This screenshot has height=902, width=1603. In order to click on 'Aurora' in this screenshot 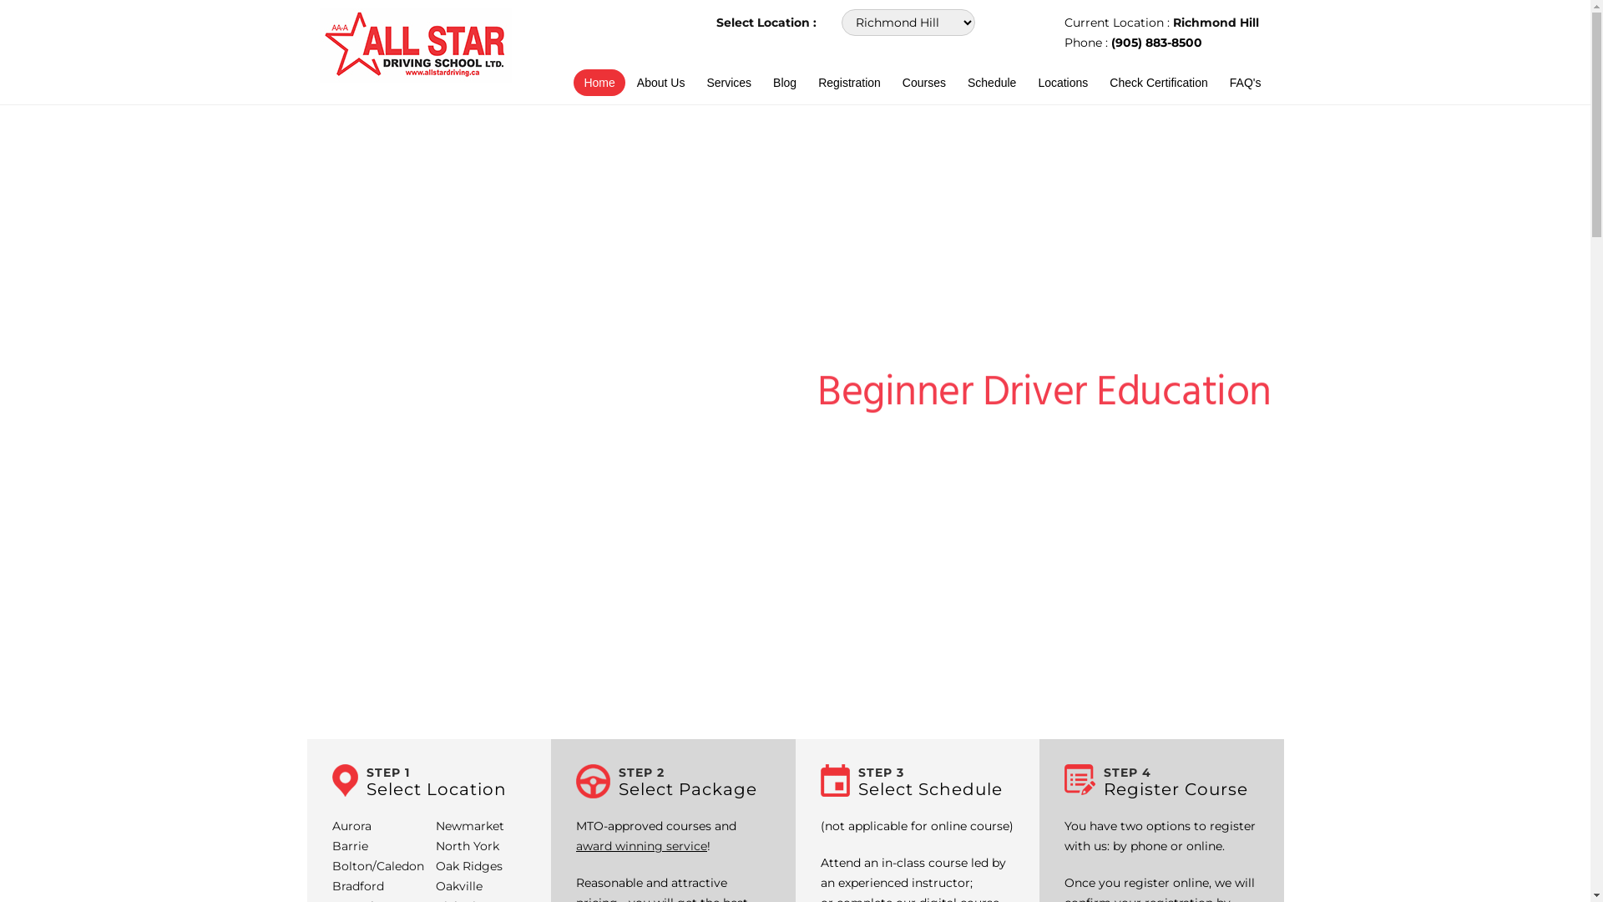, I will do `click(332, 824)`.